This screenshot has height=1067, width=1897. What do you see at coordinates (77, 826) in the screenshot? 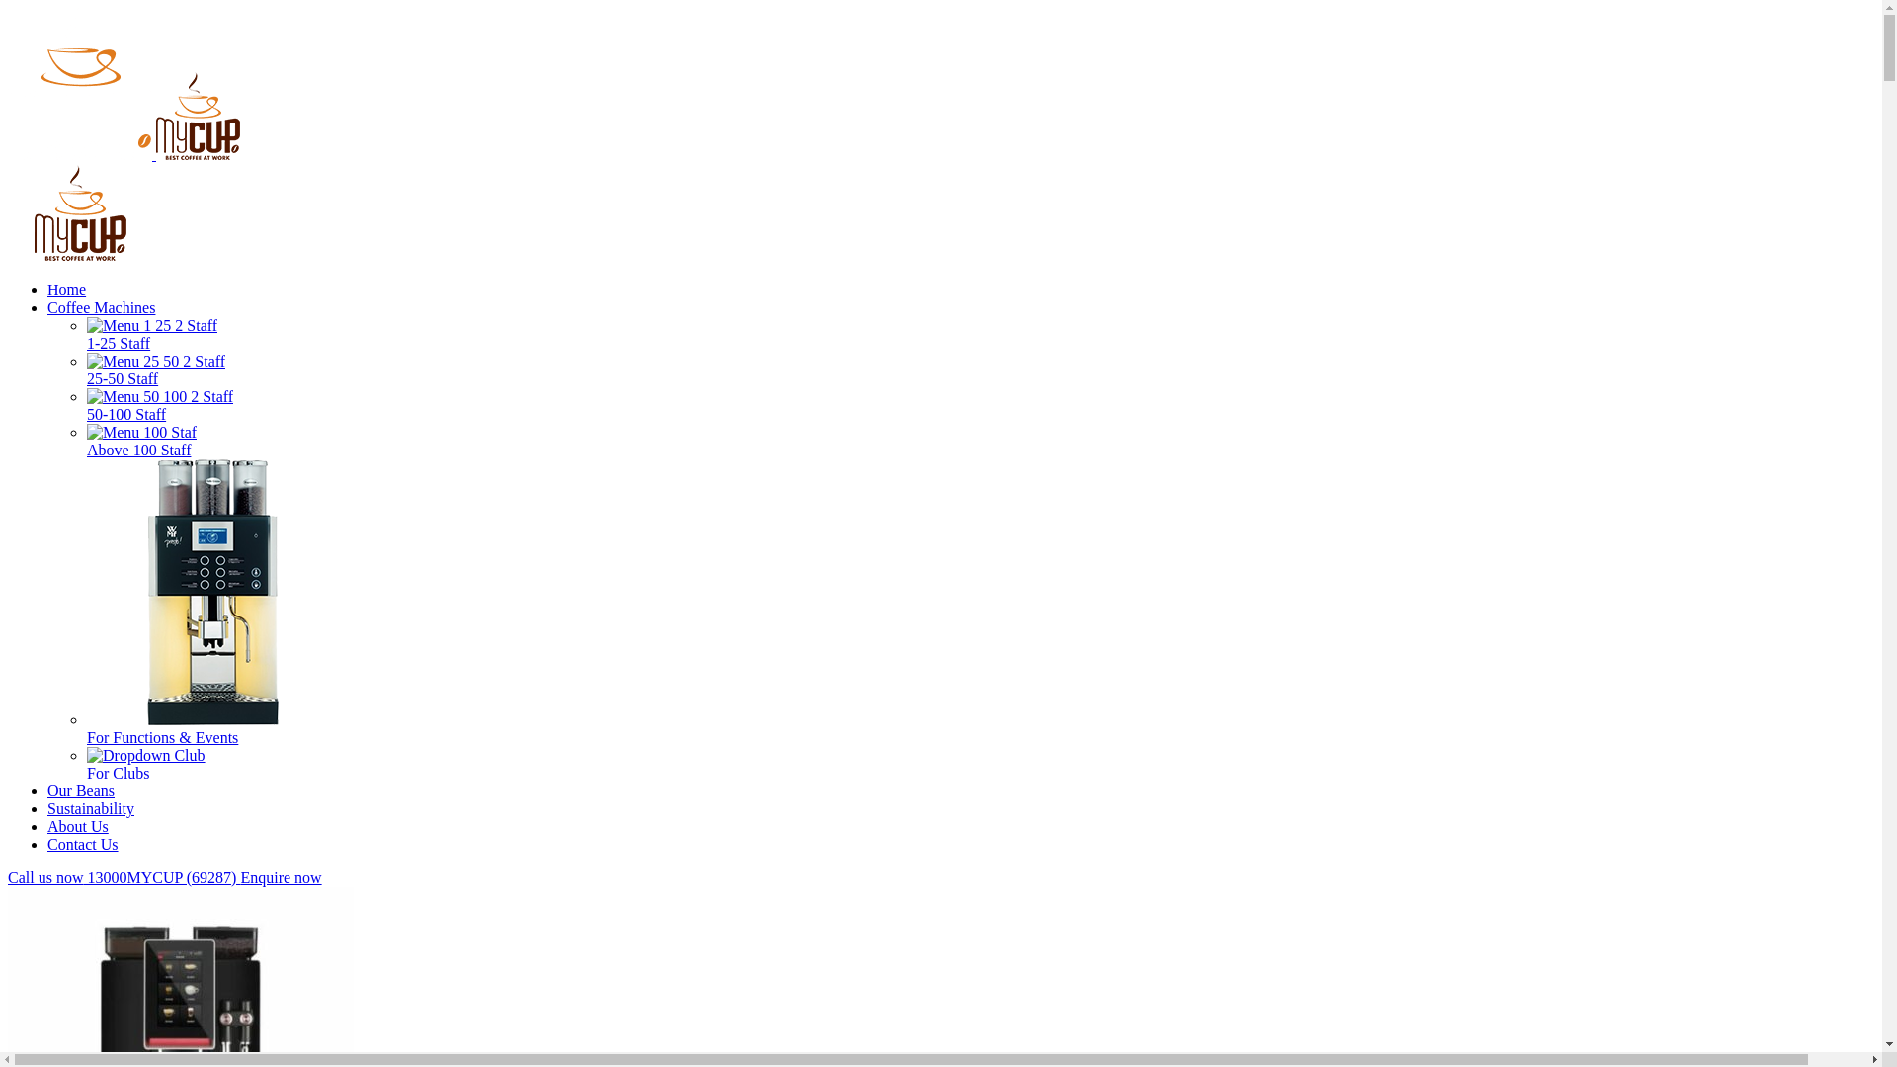
I see `'About Us'` at bounding box center [77, 826].